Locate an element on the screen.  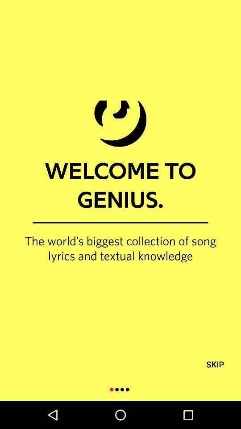
icon at the bottom right corner is located at coordinates (215, 364).